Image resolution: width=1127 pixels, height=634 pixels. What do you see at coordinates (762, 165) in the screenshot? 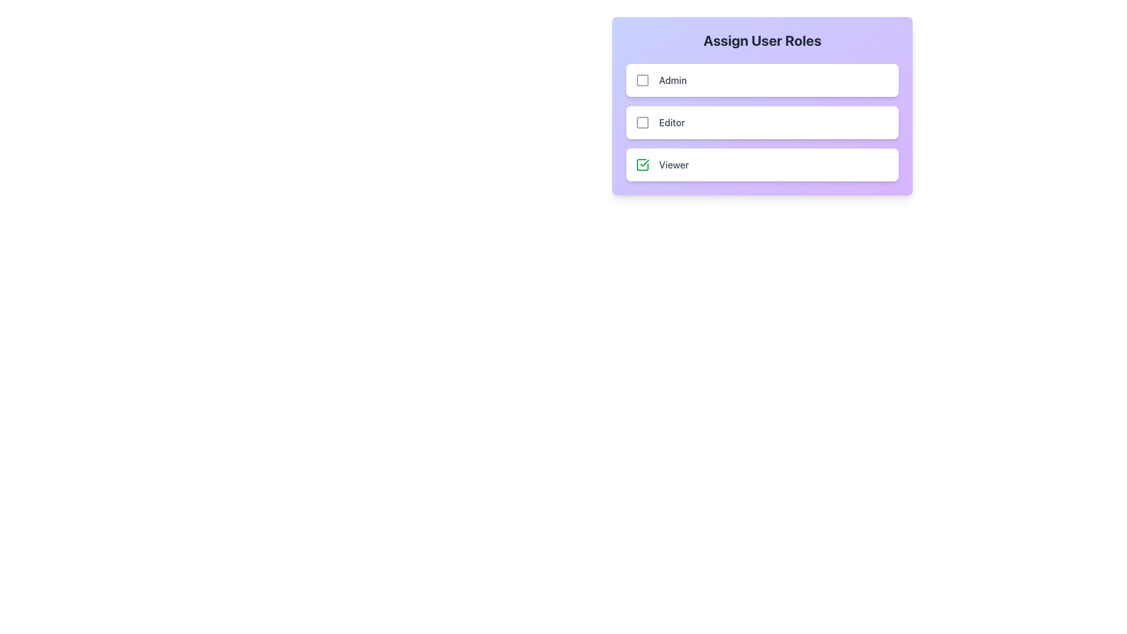
I see `the checkbox associated with the 'Viewer' role in the list item` at bounding box center [762, 165].